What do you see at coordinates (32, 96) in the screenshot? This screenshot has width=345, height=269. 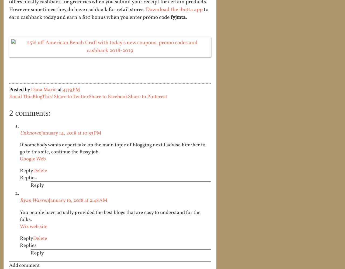 I see `'BlogThis!'` at bounding box center [32, 96].